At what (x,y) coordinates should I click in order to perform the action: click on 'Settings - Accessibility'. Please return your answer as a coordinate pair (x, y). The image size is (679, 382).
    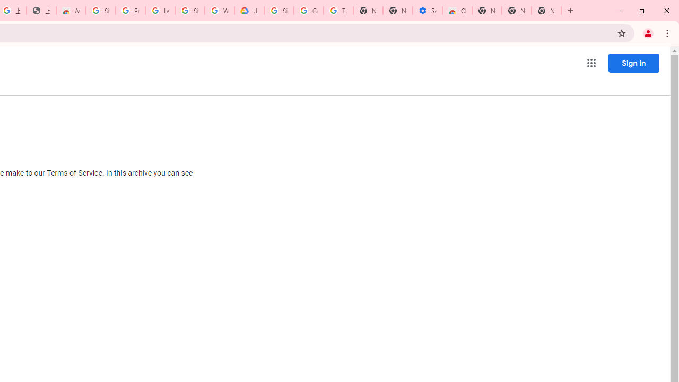
    Looking at the image, I should click on (428, 11).